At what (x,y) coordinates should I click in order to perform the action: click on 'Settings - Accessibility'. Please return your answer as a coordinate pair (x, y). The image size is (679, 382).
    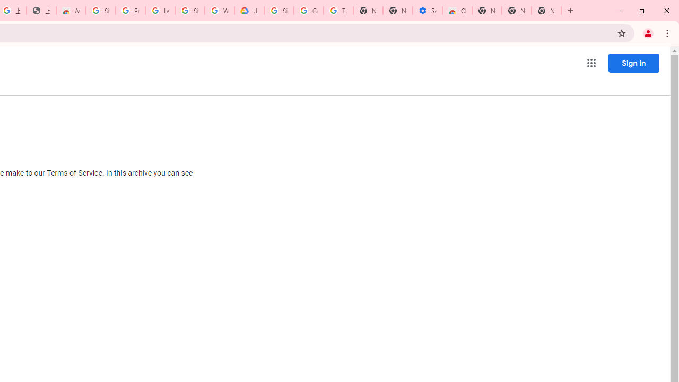
    Looking at the image, I should click on (428, 11).